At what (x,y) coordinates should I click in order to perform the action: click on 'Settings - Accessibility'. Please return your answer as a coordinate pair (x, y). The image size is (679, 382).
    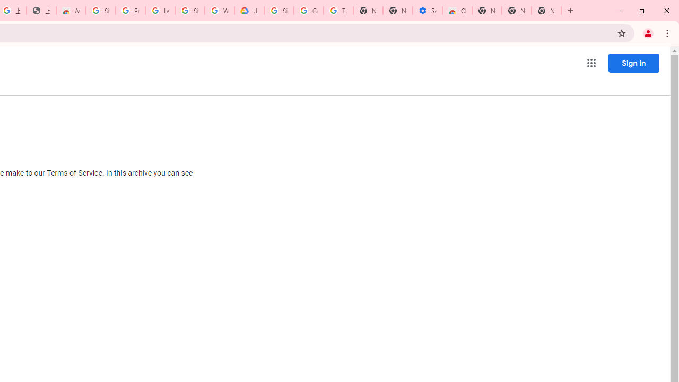
    Looking at the image, I should click on (428, 11).